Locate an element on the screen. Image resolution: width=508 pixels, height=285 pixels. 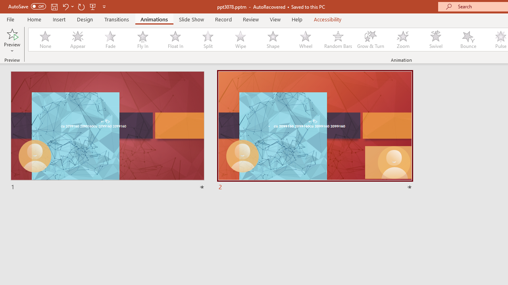
'None' is located at coordinates (44, 40).